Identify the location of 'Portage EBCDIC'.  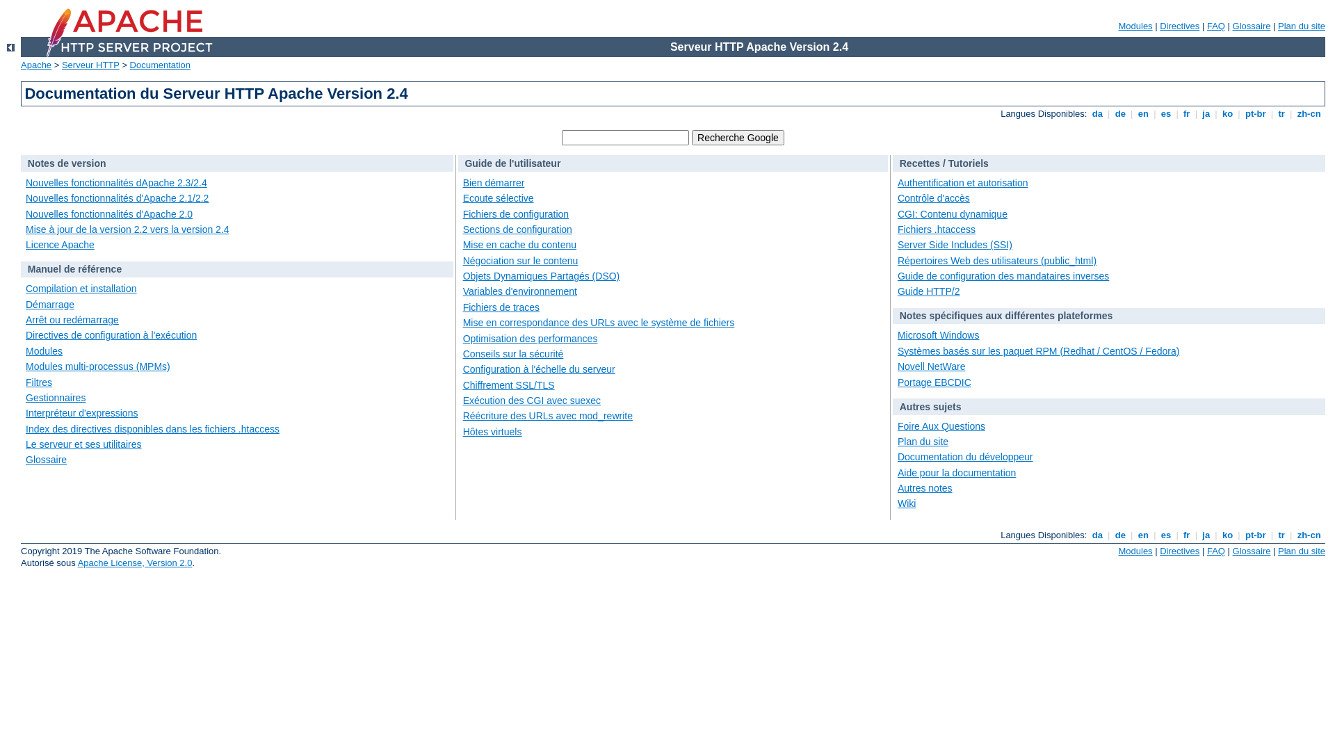
(934, 382).